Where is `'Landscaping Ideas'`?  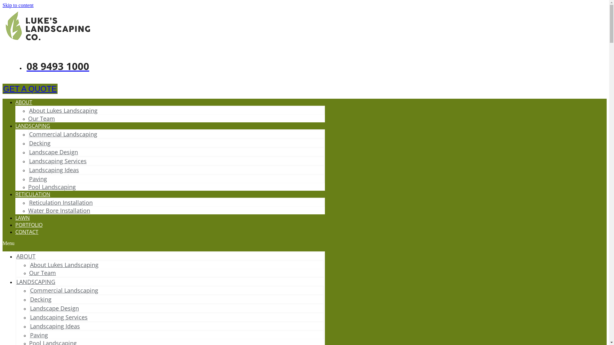
'Landscaping Ideas' is located at coordinates (55, 326).